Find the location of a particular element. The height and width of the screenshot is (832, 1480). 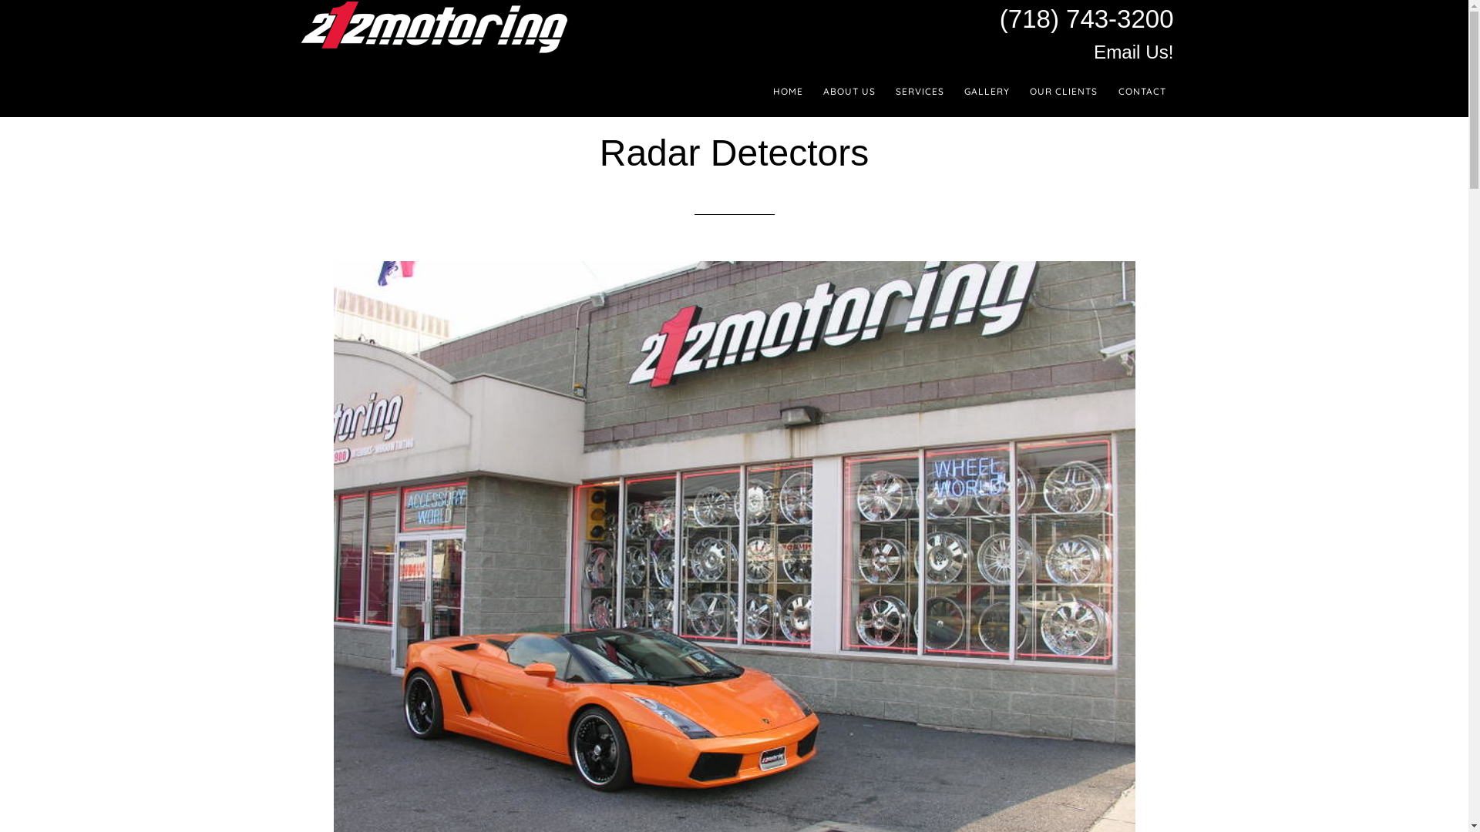

'ABOUT US' is located at coordinates (814, 92).